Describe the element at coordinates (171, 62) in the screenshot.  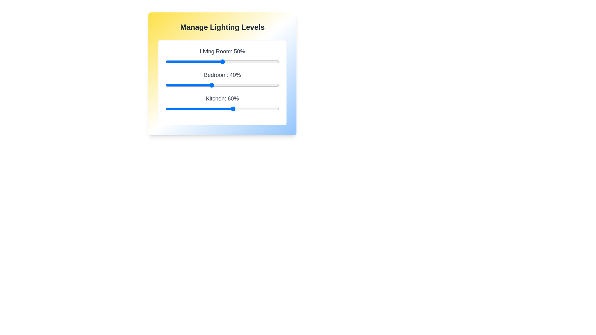
I see `the Living Room lighting slider to 5%` at that location.